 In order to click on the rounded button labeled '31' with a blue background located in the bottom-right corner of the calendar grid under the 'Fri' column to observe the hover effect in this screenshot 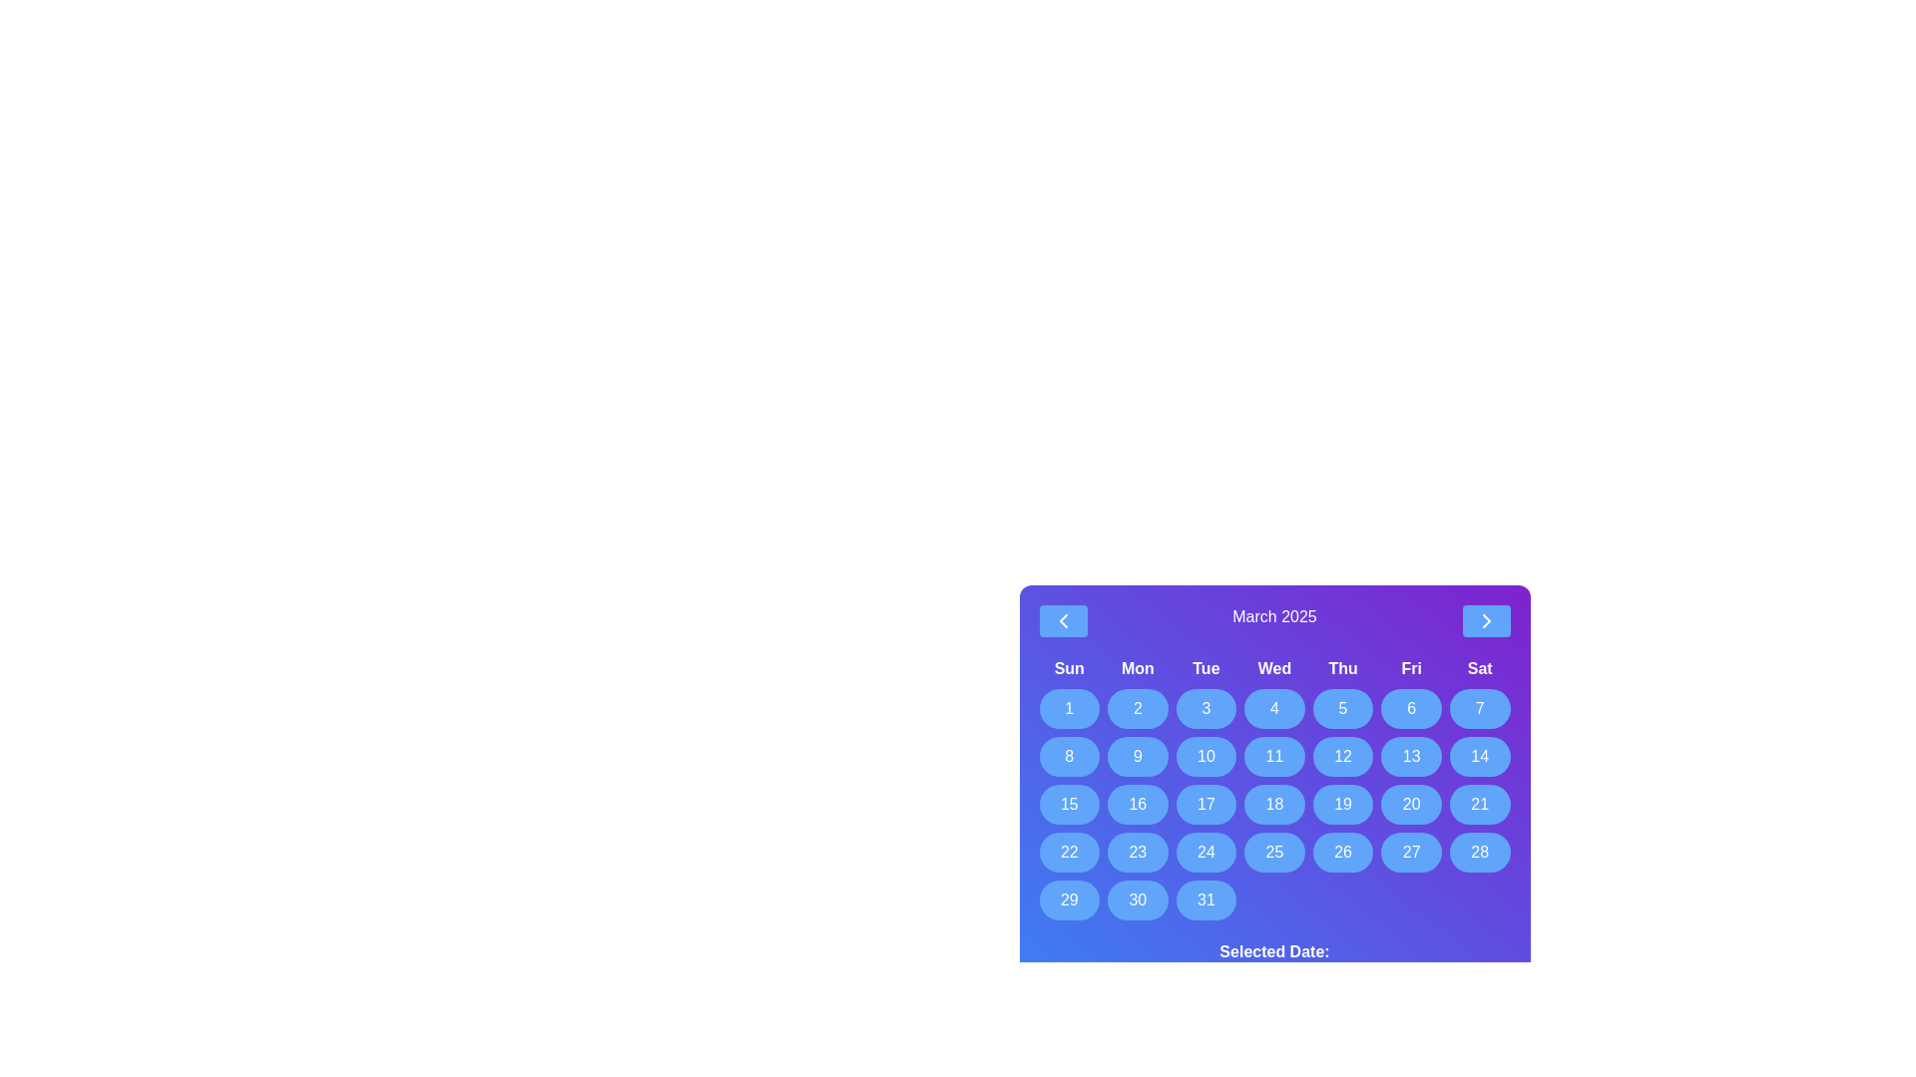, I will do `click(1204, 899)`.